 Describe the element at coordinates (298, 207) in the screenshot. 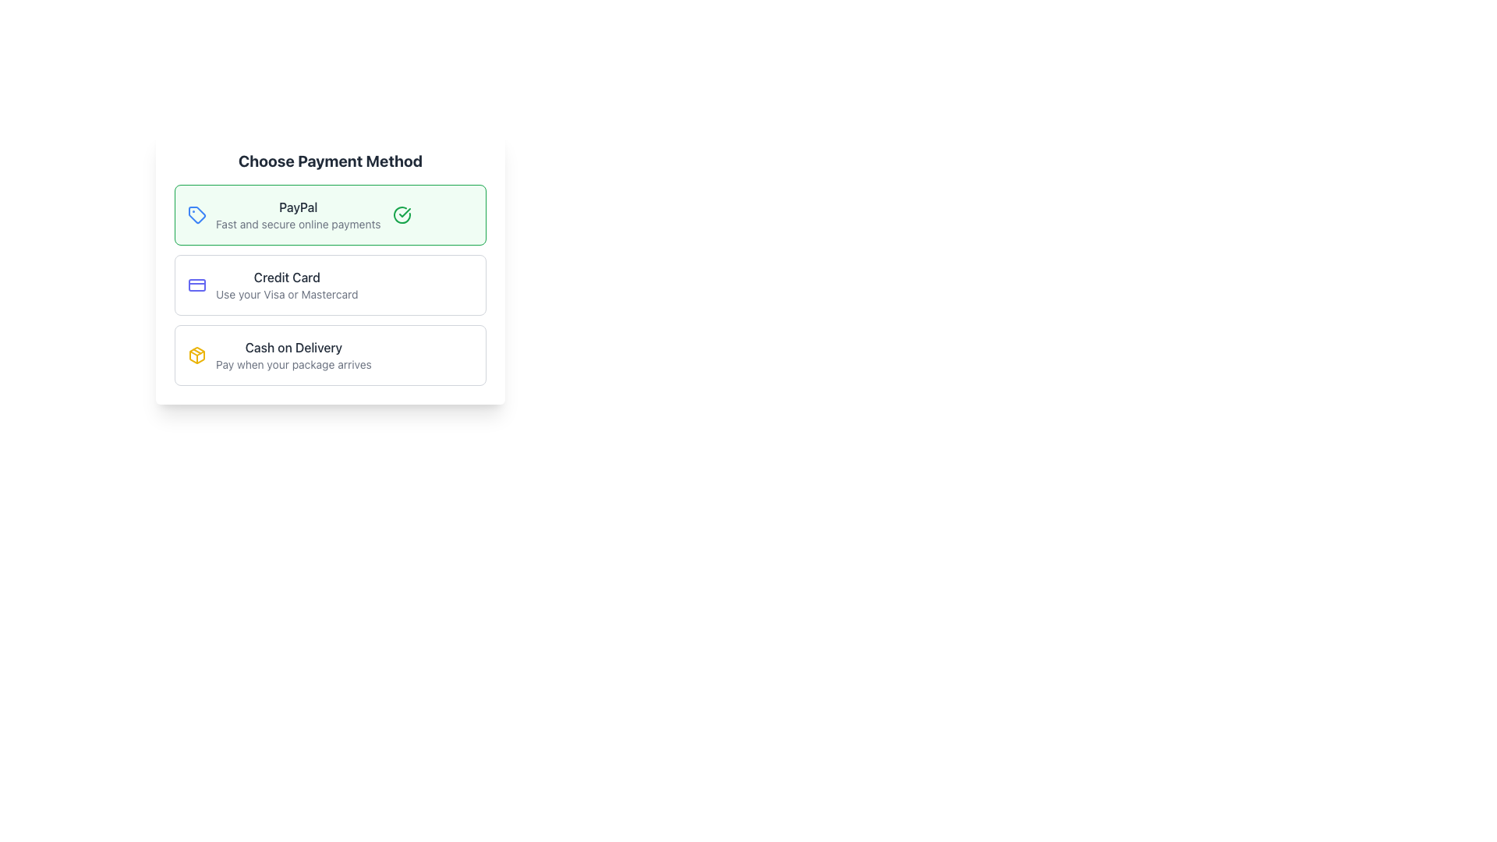

I see `the text label 'PayPal' which is displayed in bold, dark gray font as part of the payment method selection` at that location.